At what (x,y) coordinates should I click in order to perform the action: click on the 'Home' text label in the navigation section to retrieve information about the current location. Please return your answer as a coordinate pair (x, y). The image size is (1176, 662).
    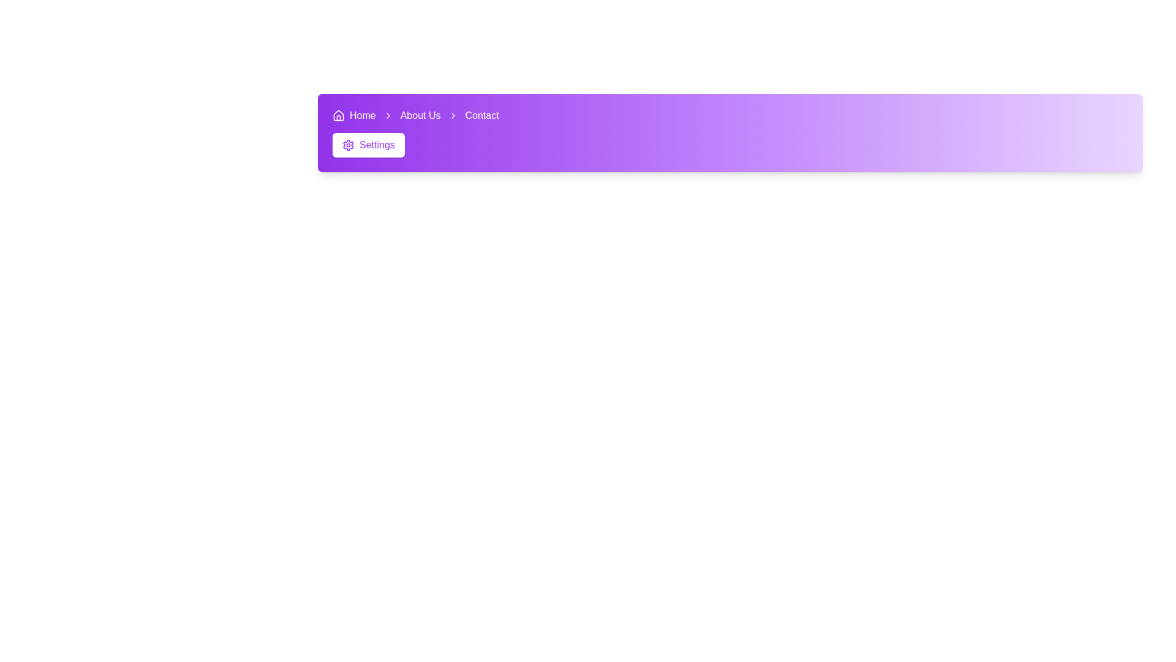
    Looking at the image, I should click on (362, 116).